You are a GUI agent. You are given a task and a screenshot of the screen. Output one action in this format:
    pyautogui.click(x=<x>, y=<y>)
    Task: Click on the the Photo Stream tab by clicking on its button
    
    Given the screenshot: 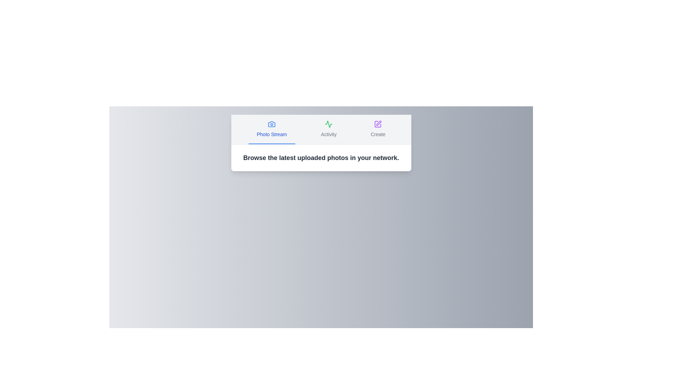 What is the action you would take?
    pyautogui.click(x=271, y=129)
    